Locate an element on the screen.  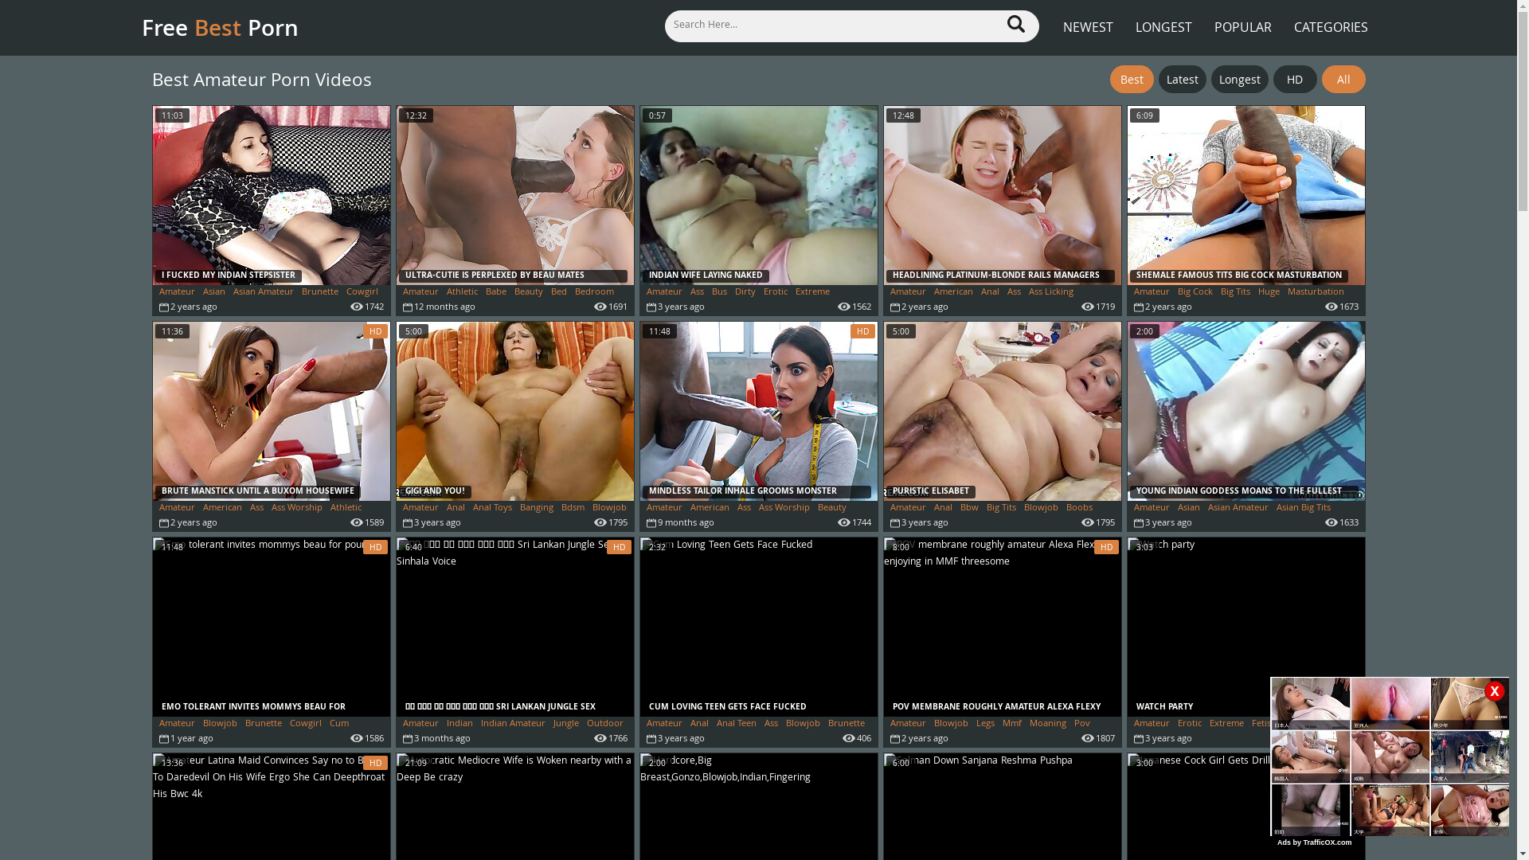
'Mmf' is located at coordinates (1011, 724).